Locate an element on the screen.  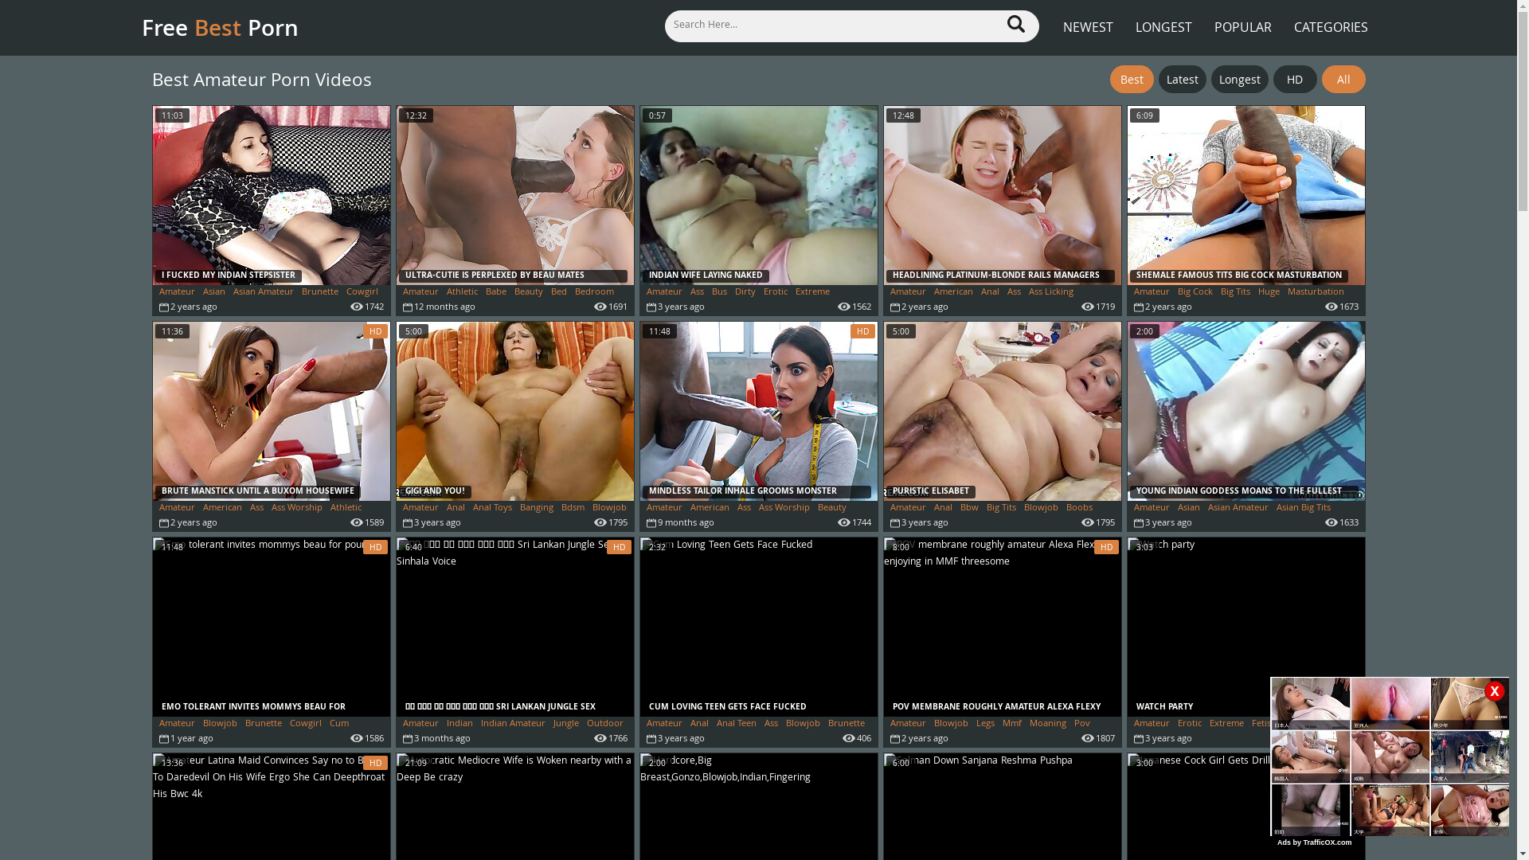
'Mmf' is located at coordinates (1011, 724).